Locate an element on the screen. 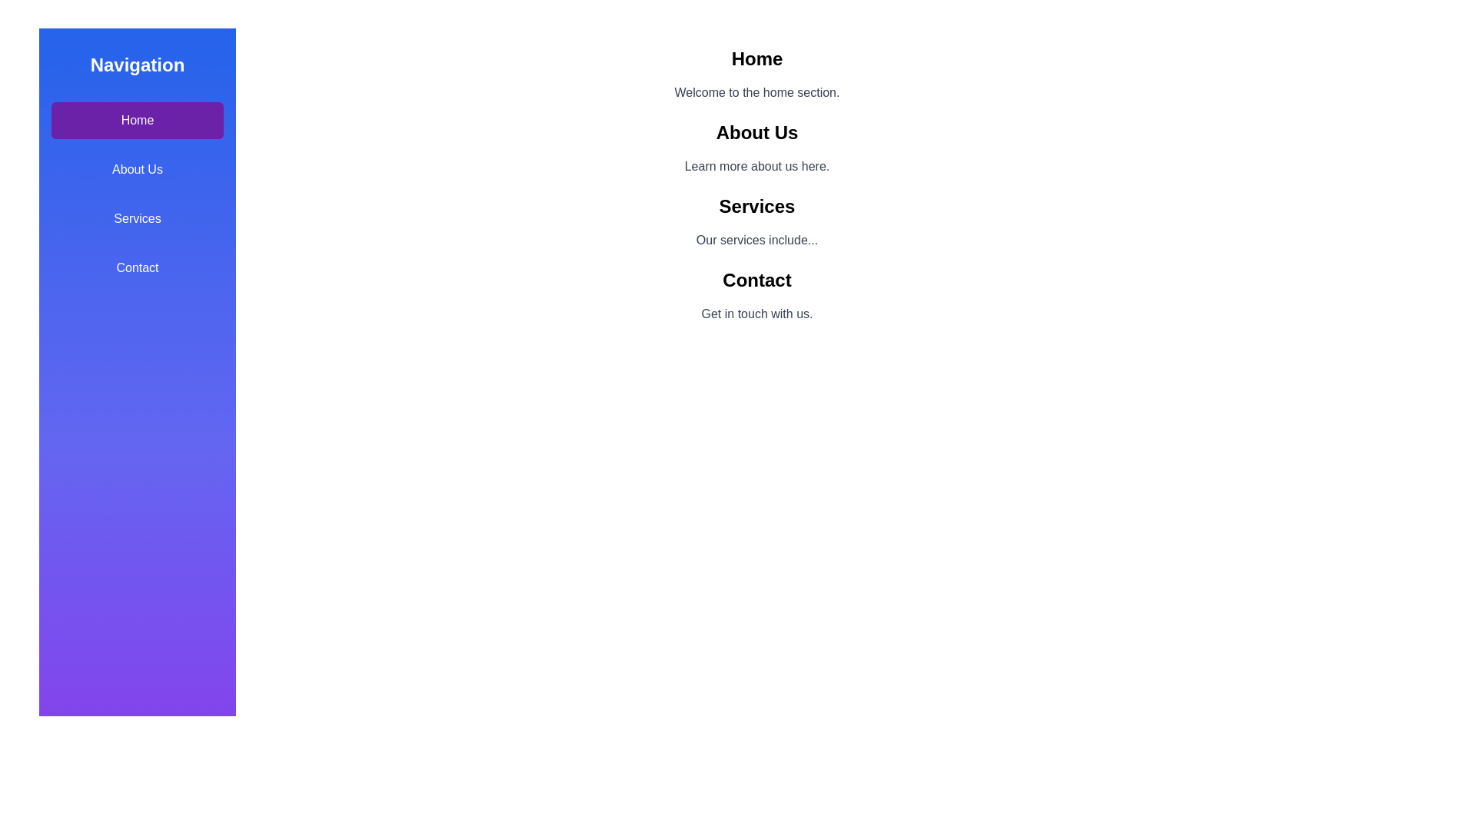 The image size is (1476, 830). the 'Services' button in the vertical navigation menu to observe its hover effect is located at coordinates (137, 219).